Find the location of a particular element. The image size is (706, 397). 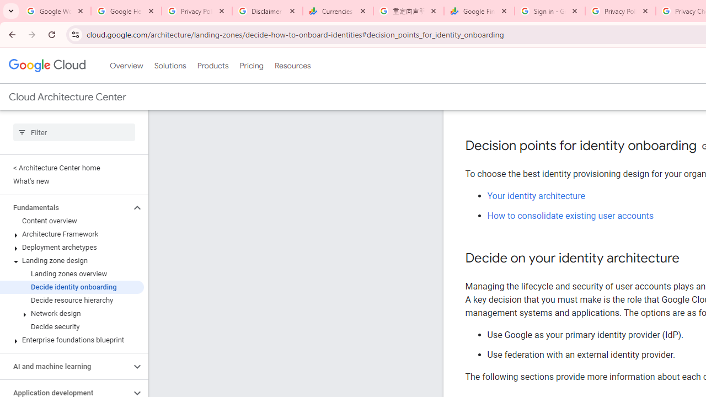

'Landing zones overview' is located at coordinates (71, 273).